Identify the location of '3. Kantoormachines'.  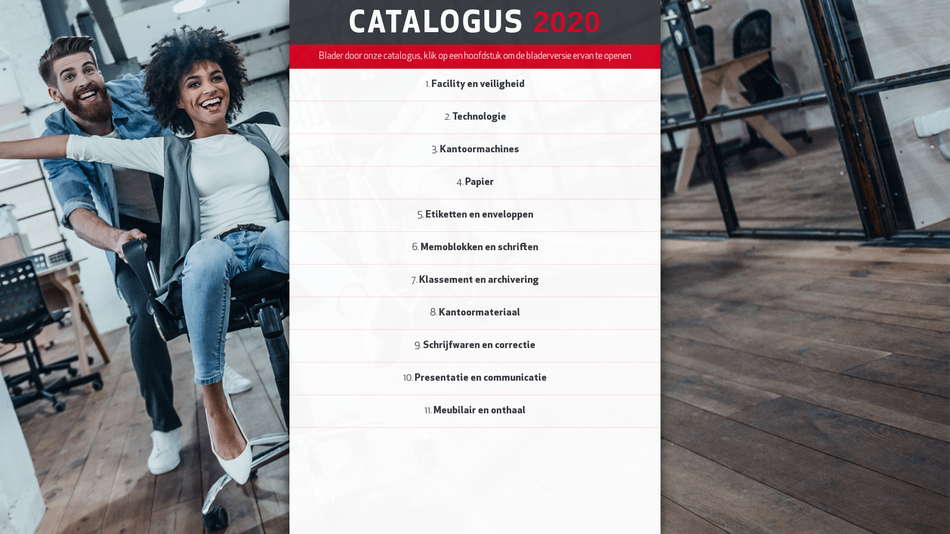
(475, 150).